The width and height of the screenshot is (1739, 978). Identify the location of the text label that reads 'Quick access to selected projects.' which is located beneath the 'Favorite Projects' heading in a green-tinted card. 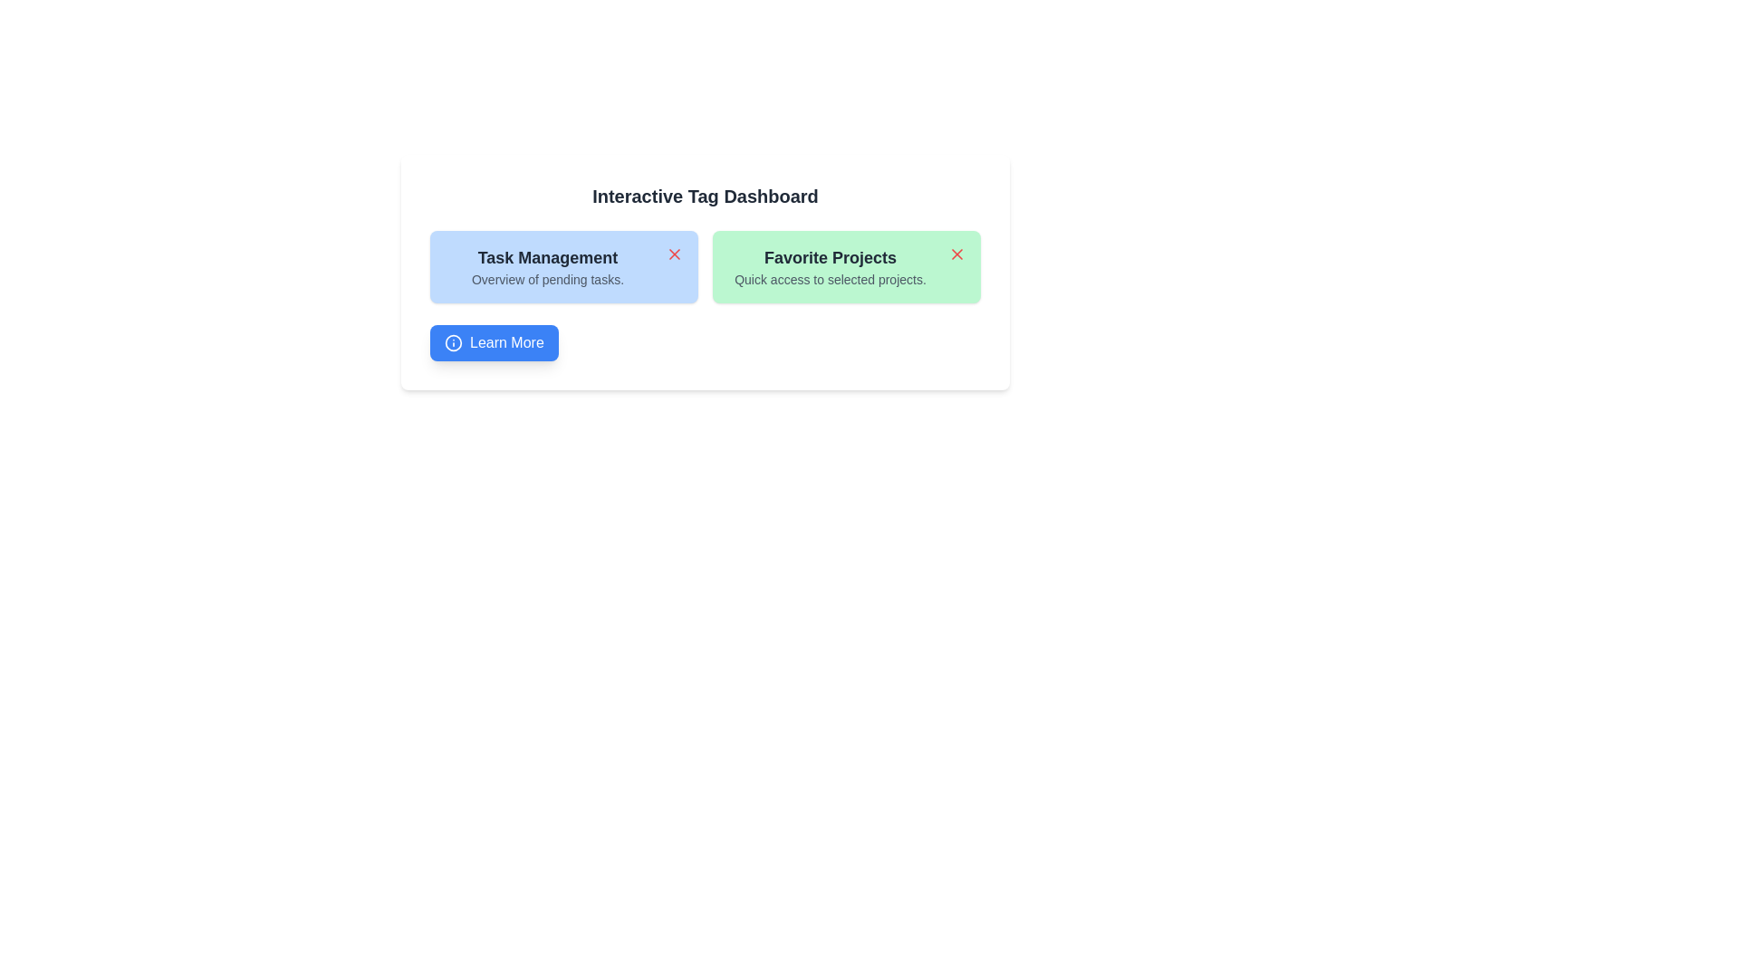
(829, 279).